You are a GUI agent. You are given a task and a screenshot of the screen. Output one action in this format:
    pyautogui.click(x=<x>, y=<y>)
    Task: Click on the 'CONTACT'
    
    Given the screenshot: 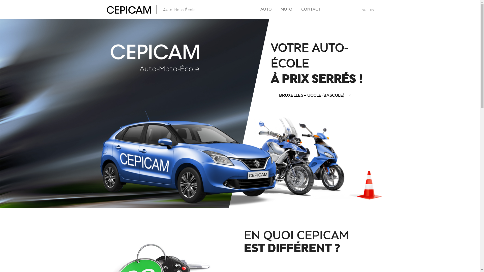 What is the action you would take?
    pyautogui.click(x=310, y=9)
    